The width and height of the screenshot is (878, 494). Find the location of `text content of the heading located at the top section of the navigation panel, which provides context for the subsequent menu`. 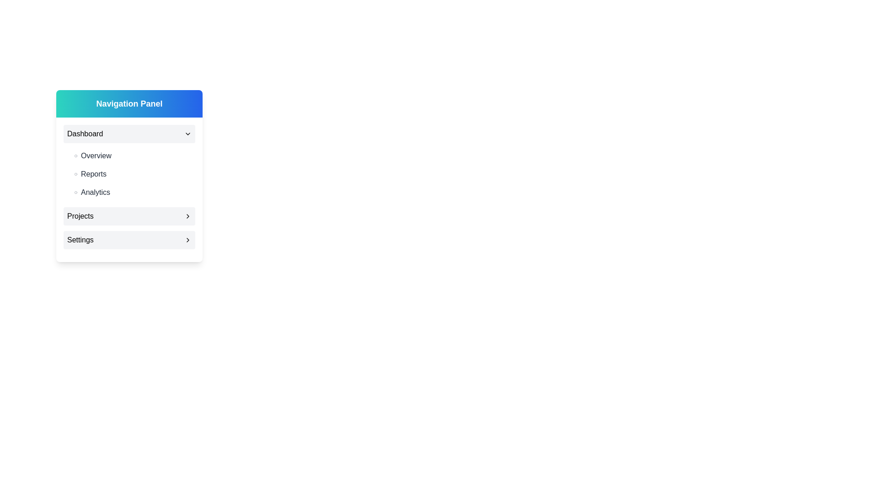

text content of the heading located at the top section of the navigation panel, which provides context for the subsequent menu is located at coordinates (129, 103).